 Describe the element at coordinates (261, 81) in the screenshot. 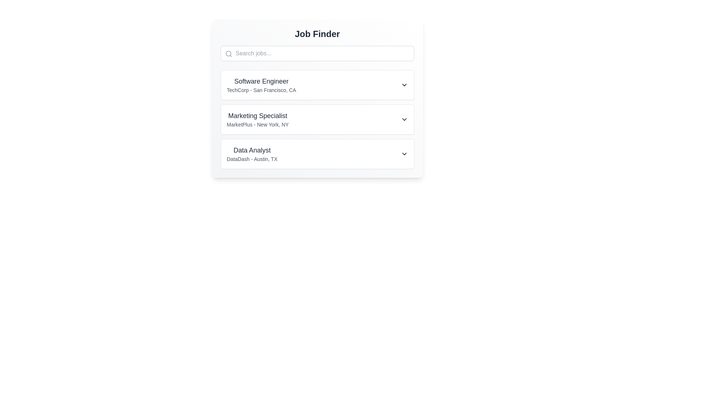

I see `the static text element that identifies the job position 'Software Engineer' in the job postings list under the 'Job Finder' header` at that location.